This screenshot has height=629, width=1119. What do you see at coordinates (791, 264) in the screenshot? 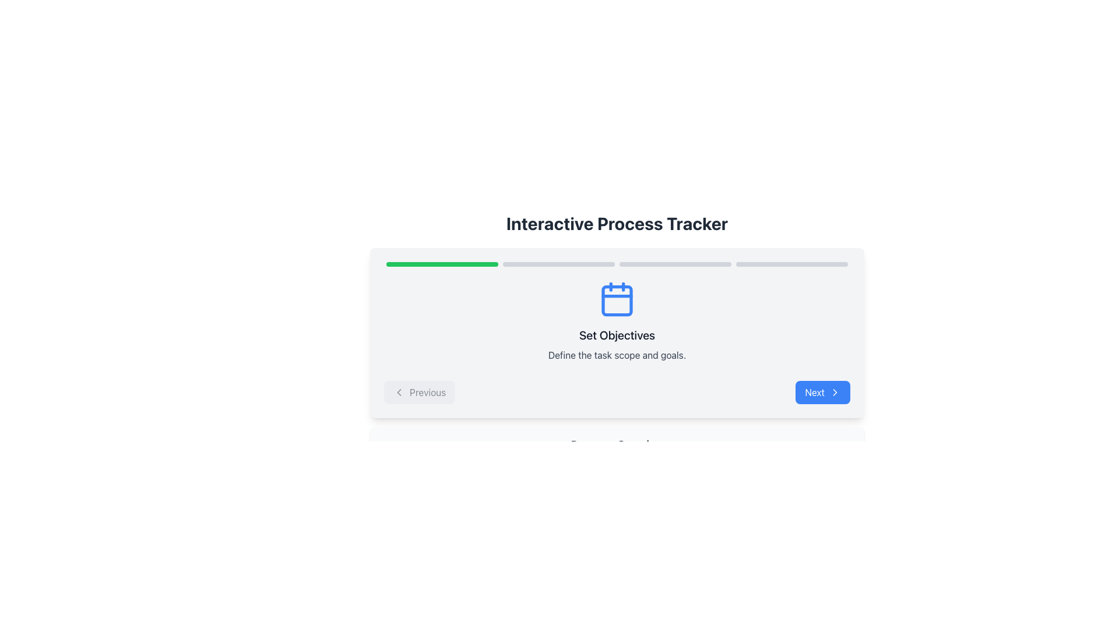
I see `the fourth segment of the progress bar which visually represents incomplete progress in a multi-step process` at bounding box center [791, 264].